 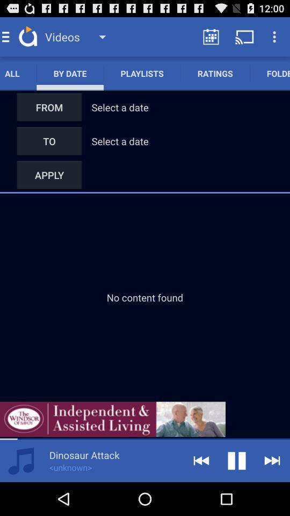 What do you see at coordinates (21, 493) in the screenshot?
I see `the music icon` at bounding box center [21, 493].